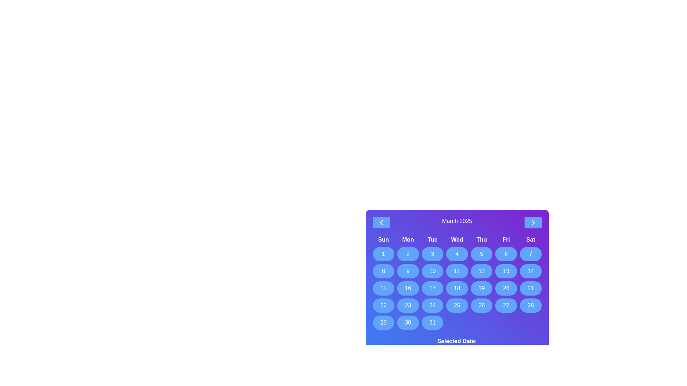 This screenshot has height=386, width=687. What do you see at coordinates (506, 271) in the screenshot?
I see `the button representing the date '13' in the calendar view` at bounding box center [506, 271].